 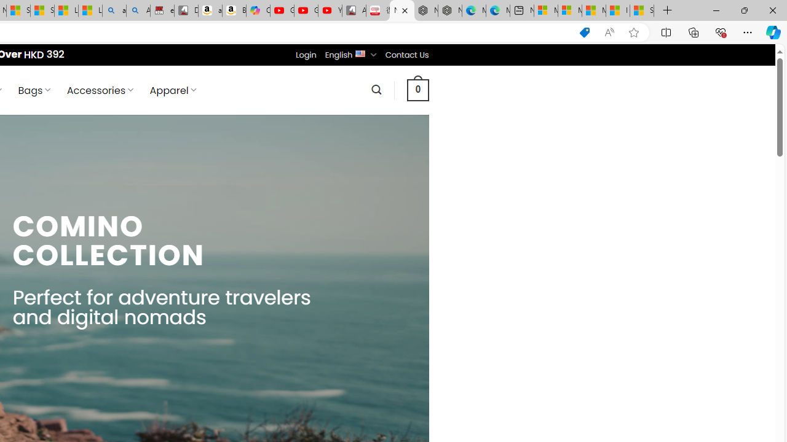 I want to click on 'Nordace - Comino Collection', so click(x=402, y=10).